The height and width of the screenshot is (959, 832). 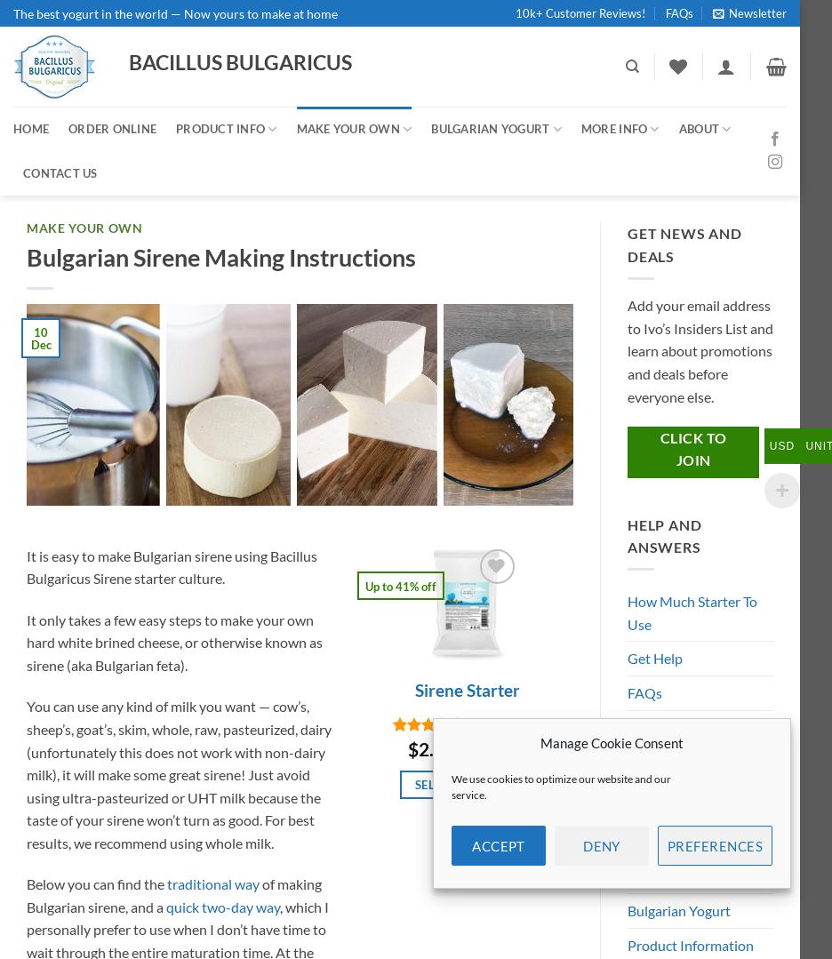 I want to click on 'Bulgarian Sirene Making Instructions', so click(x=26, y=256).